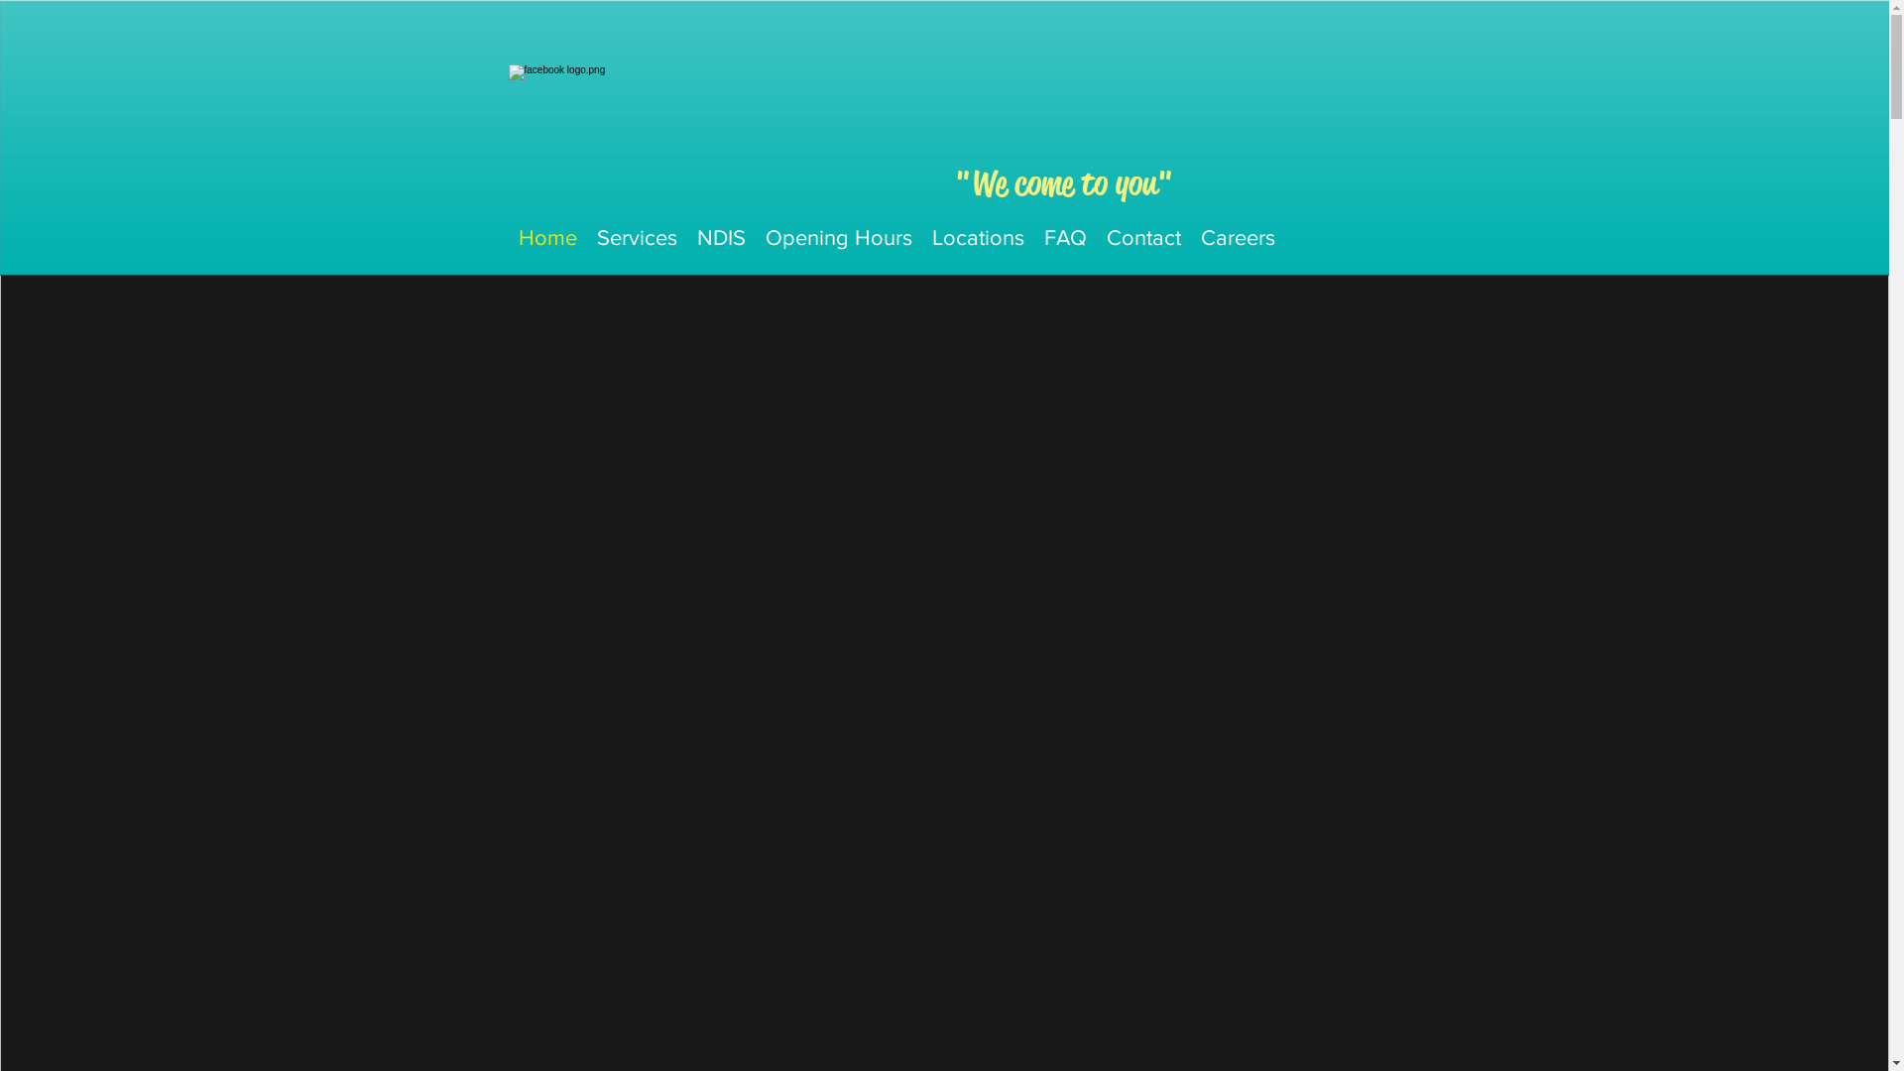 Image resolution: width=1904 pixels, height=1071 pixels. Describe the element at coordinates (1031, 236) in the screenshot. I see `'FAQ'` at that location.